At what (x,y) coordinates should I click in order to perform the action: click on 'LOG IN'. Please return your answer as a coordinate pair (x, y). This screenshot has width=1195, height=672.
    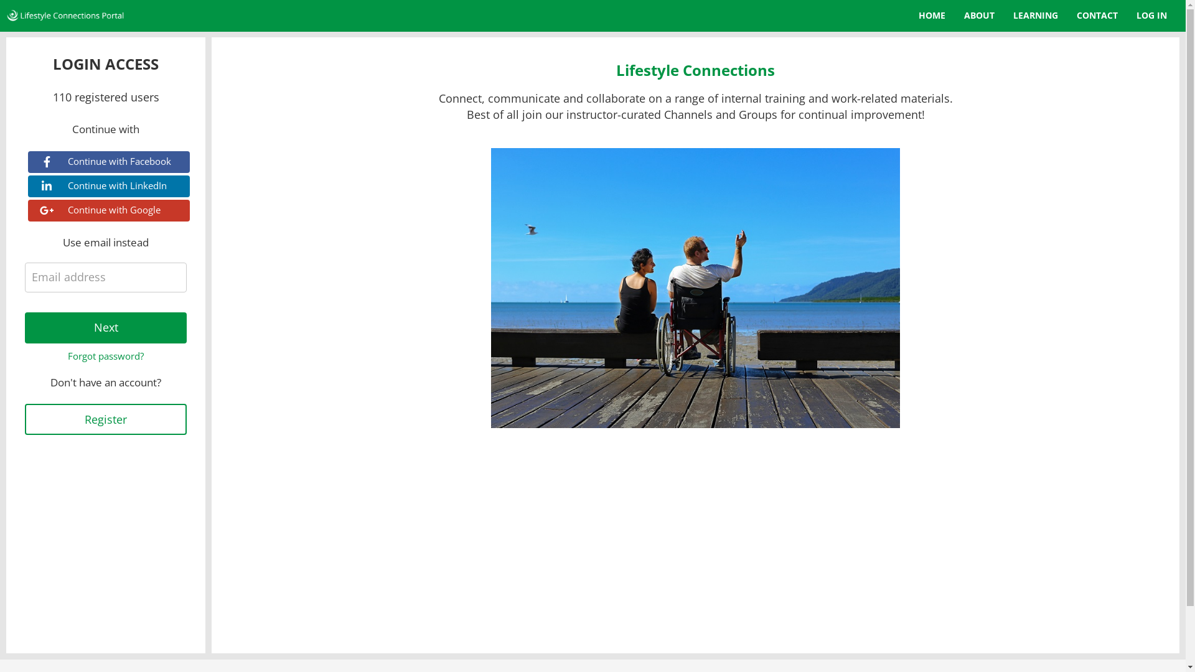
    Looking at the image, I should click on (1127, 16).